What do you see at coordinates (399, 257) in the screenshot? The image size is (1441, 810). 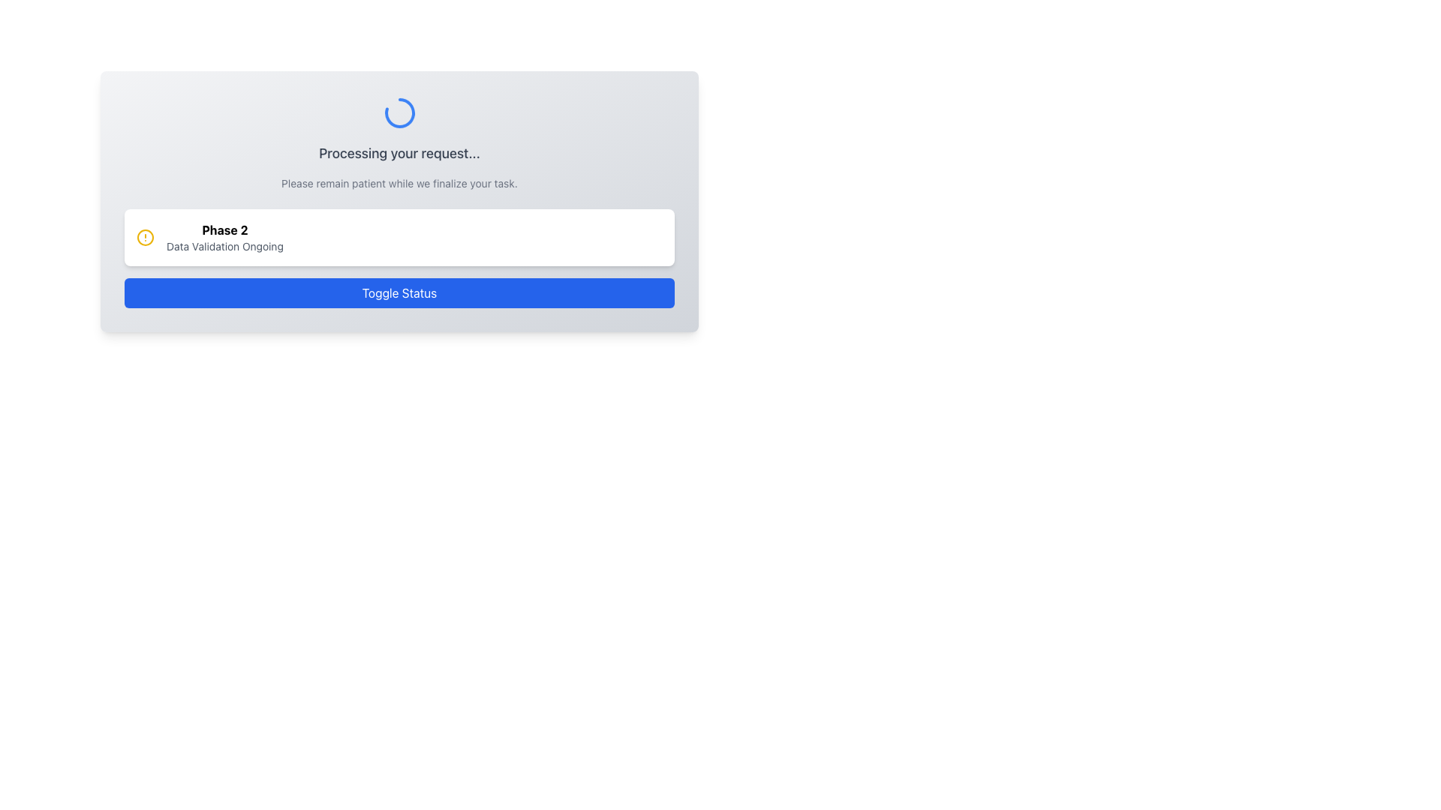 I see `the 'Toggle Status' button located within the Grouped Element that indicates the current phase of the process (Phase 2) and its status (Data Validation Ongoing)` at bounding box center [399, 257].